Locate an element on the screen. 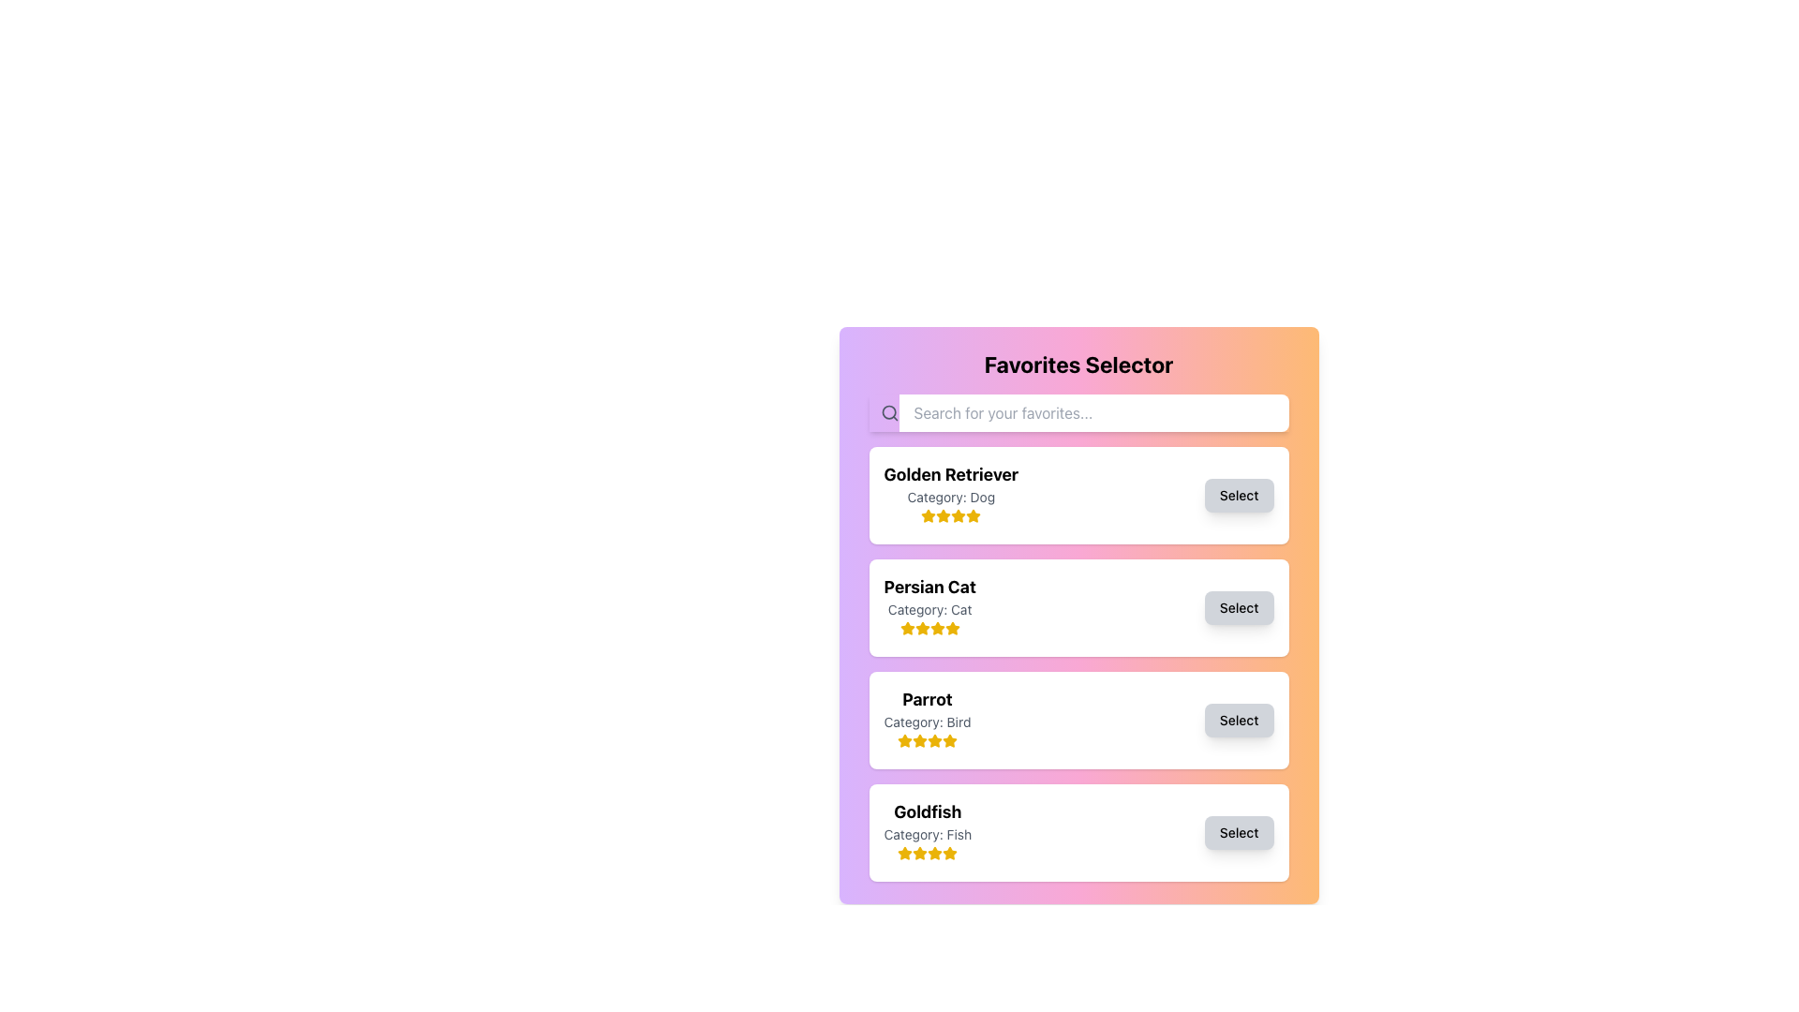 This screenshot has height=1012, width=1799. the third star icon in the 5-star rating system located below the 'Persian Cat' label in the Favorites Selector section is located at coordinates (922, 629).